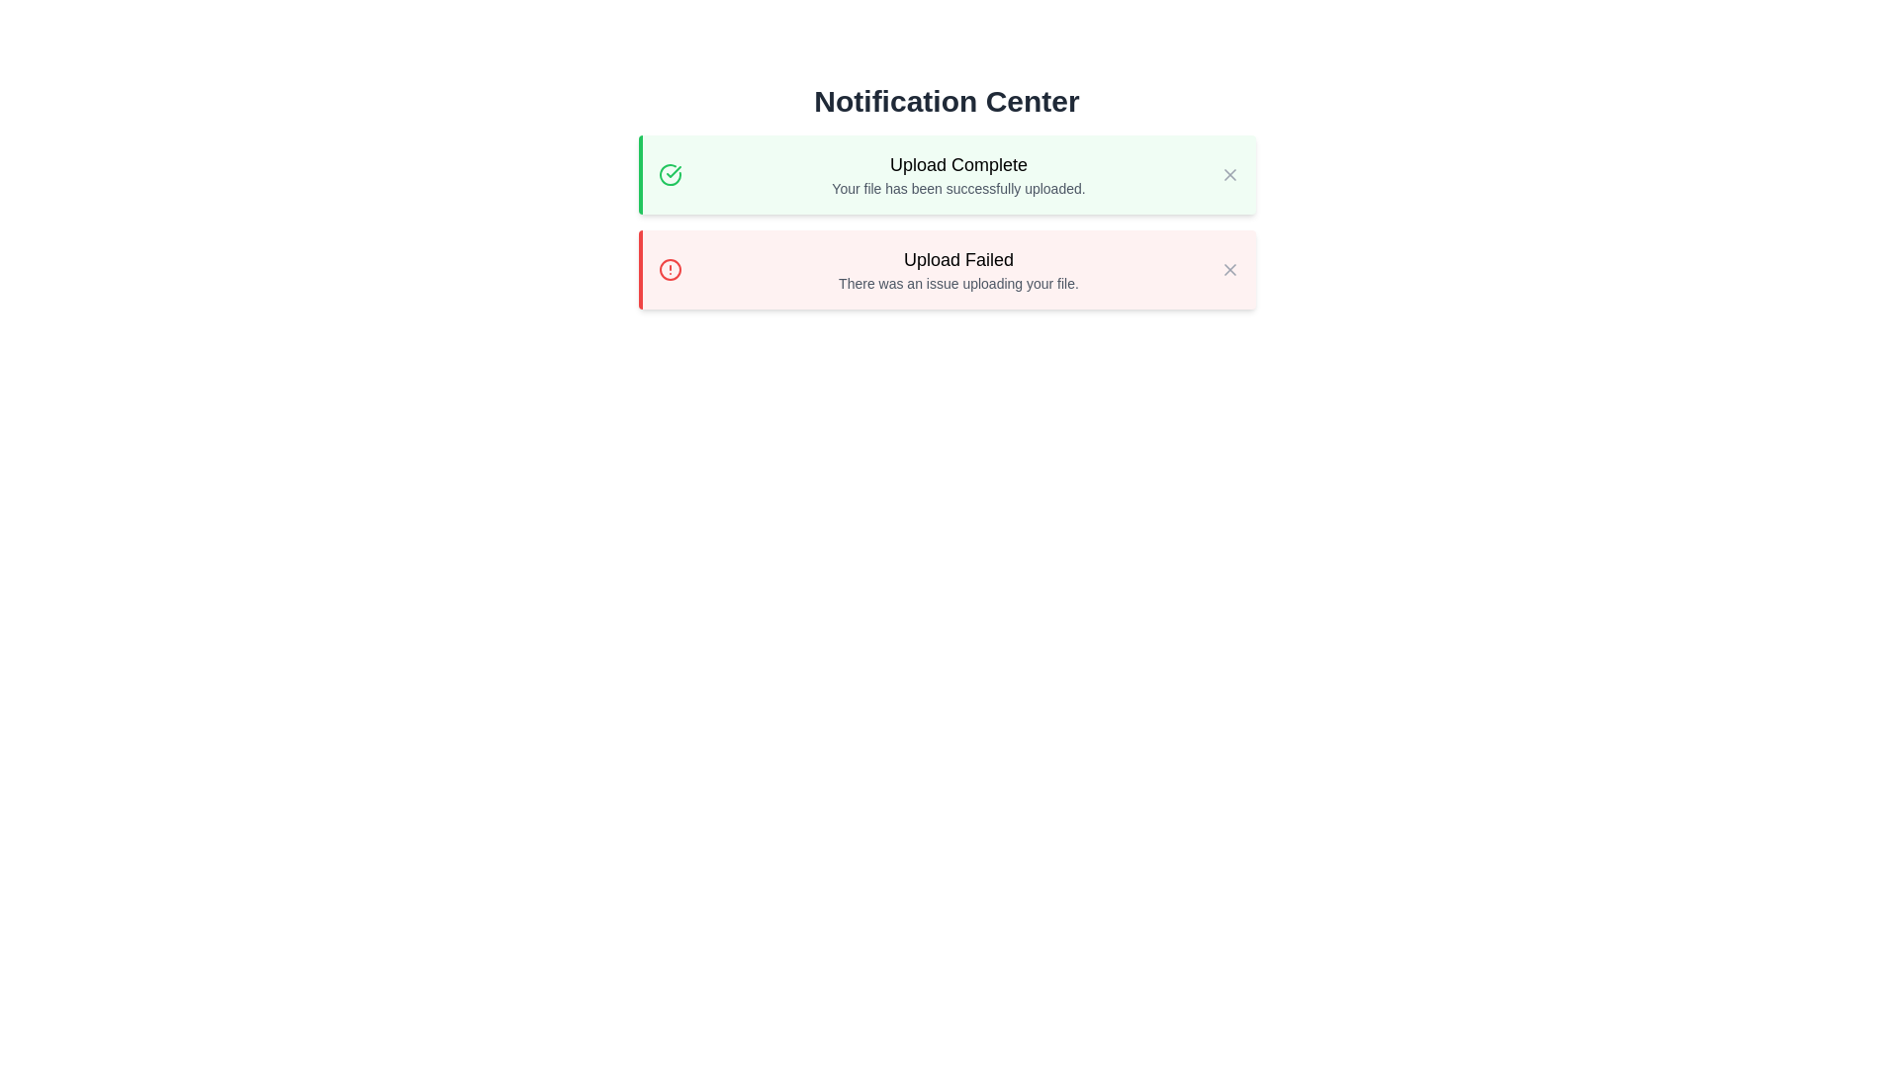  Describe the element at coordinates (1228, 174) in the screenshot. I see `the 'Close' button located at the top-right corner of the 'Upload Complete' notification card` at that location.